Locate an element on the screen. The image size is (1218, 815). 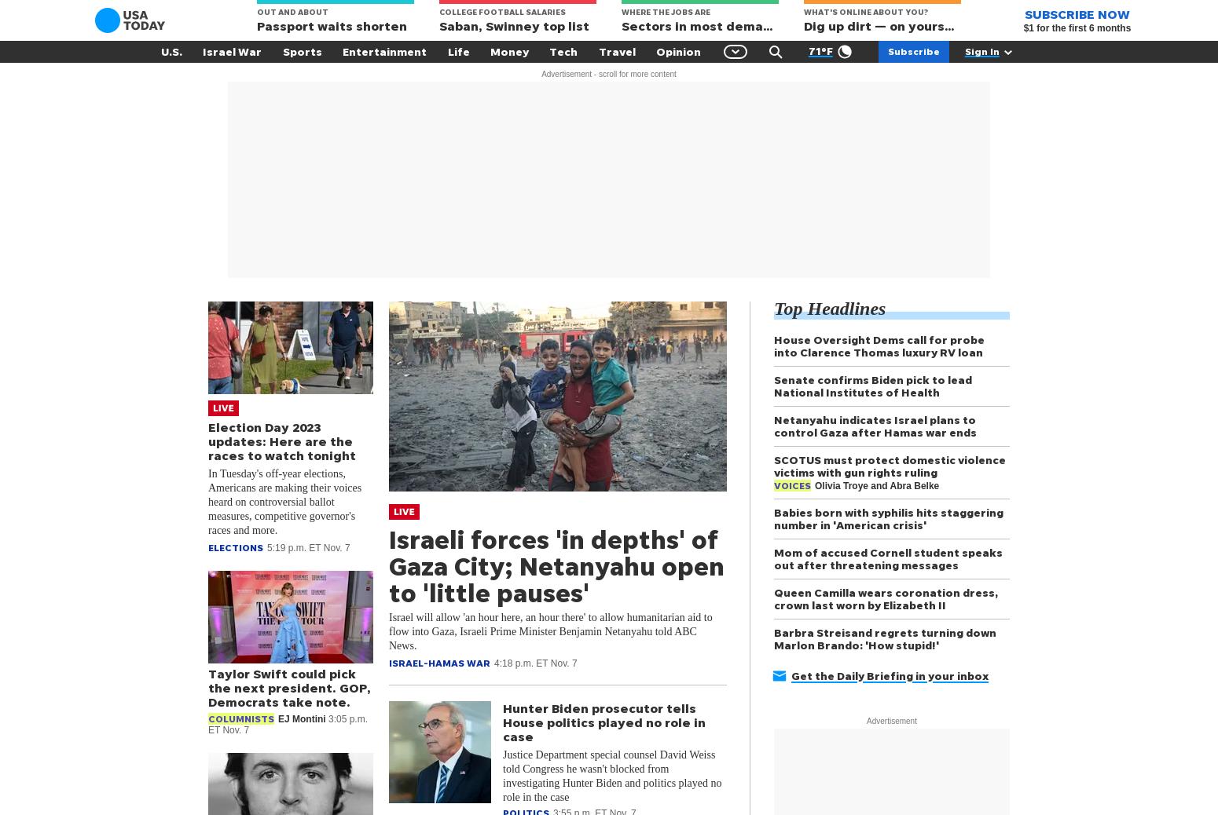
'Election Day 2023 updates: Here are the races to watch tonight' is located at coordinates (281, 440).